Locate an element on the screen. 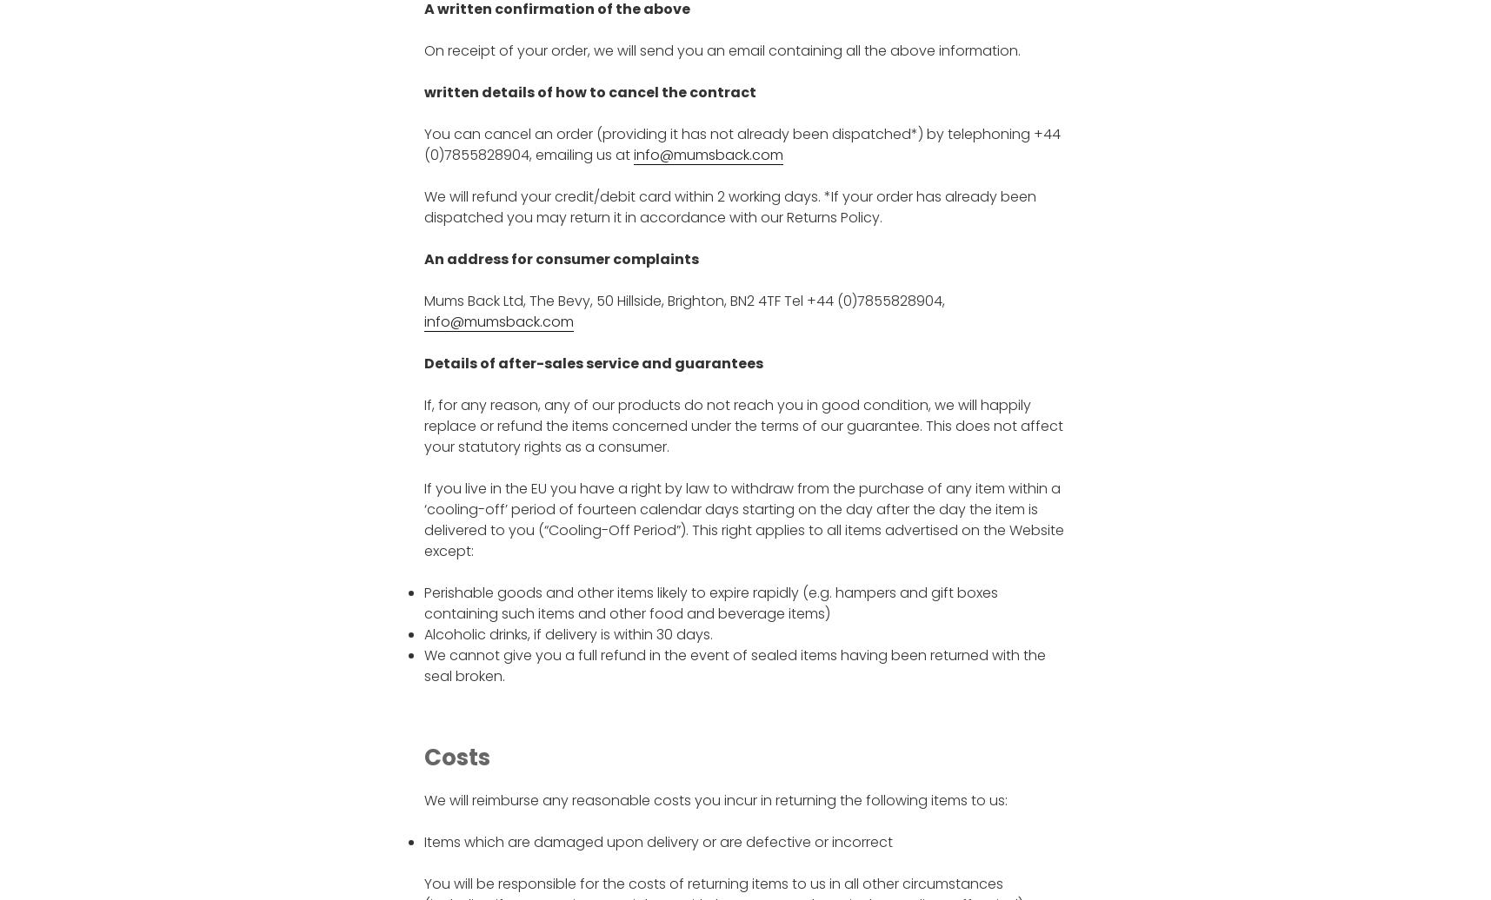 The width and height of the screenshot is (1491, 900). 'written details of how to cancel the contract' is located at coordinates (589, 92).